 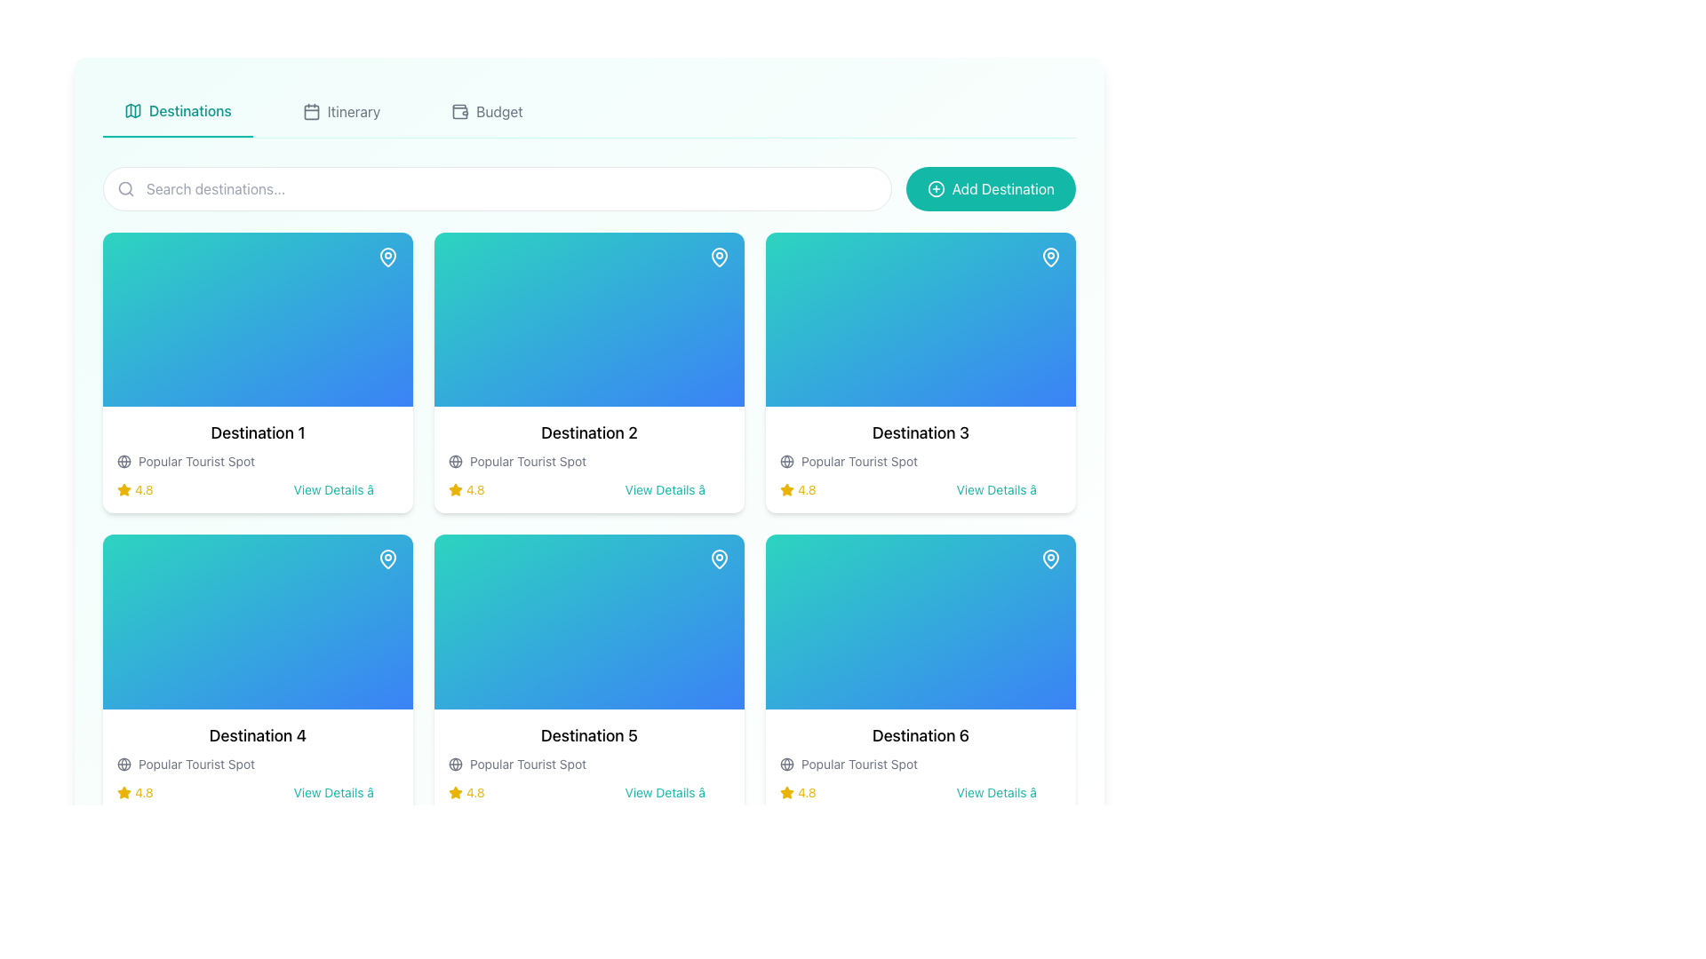 What do you see at coordinates (475, 490) in the screenshot?
I see `the numerical rating text associated with the item, which is located to the right of the yellow star icon in the rating display at the bottom-left corner of the 'Destination 1' card` at bounding box center [475, 490].